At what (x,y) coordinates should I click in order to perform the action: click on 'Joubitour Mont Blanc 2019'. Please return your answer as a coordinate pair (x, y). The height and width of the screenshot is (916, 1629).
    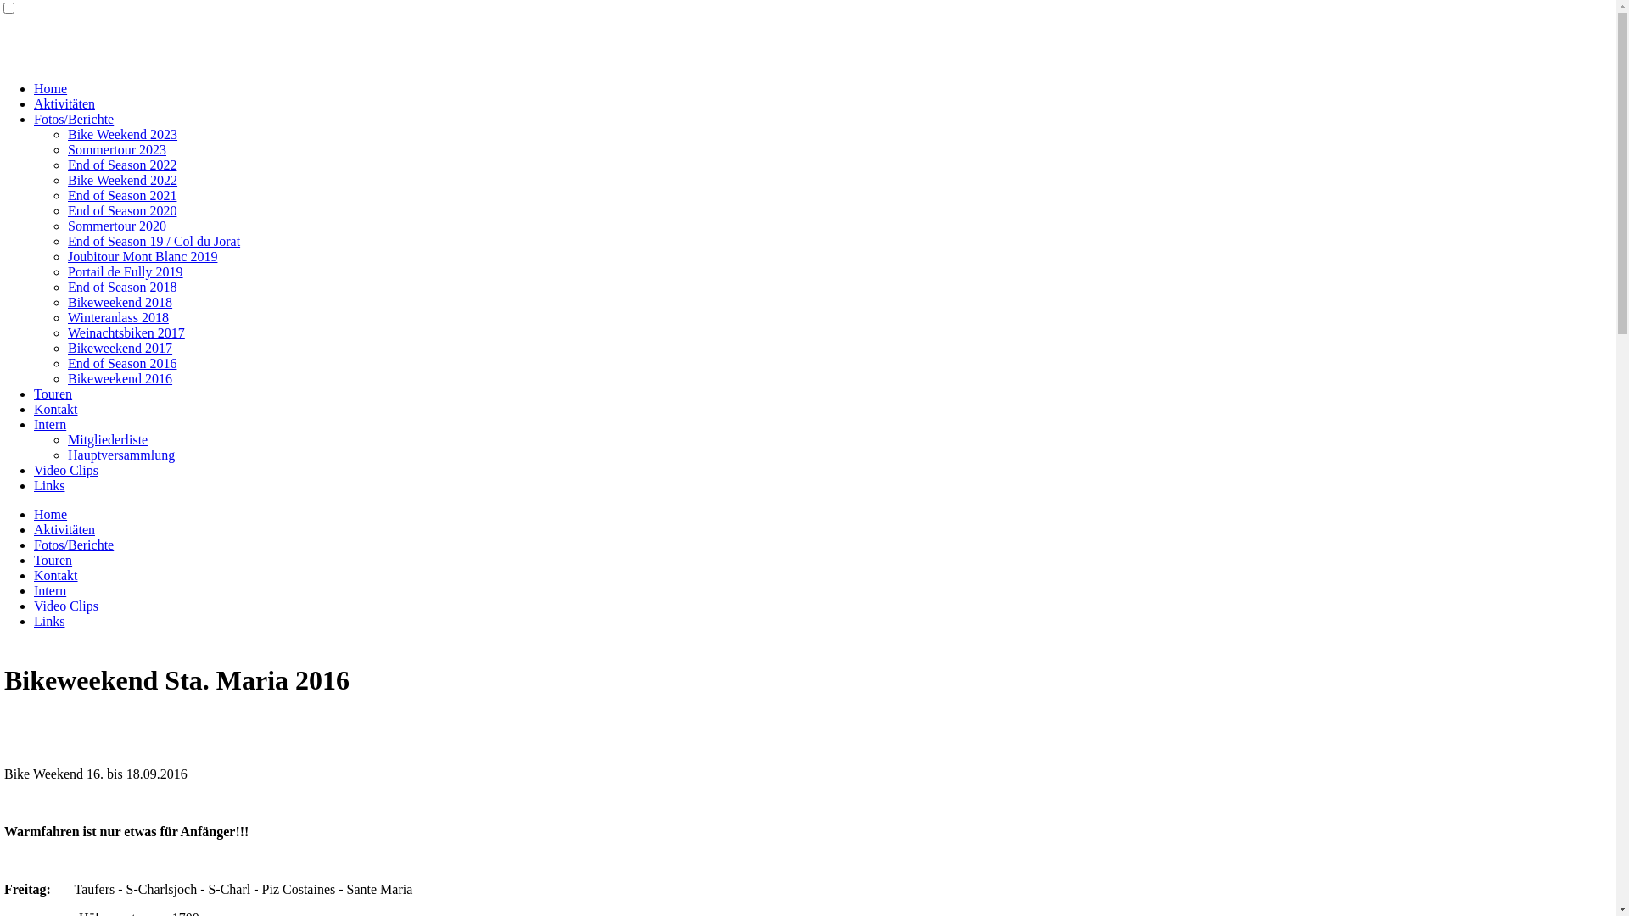
    Looking at the image, I should click on (143, 256).